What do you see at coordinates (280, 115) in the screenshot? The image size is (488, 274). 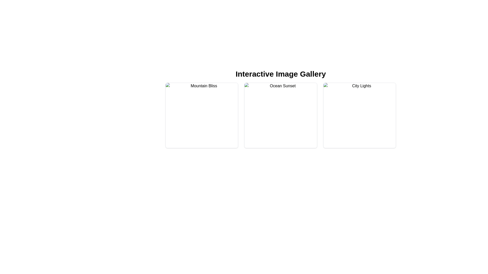 I see `the card titled 'Ocean Sunset' in the interactive grid` at bounding box center [280, 115].